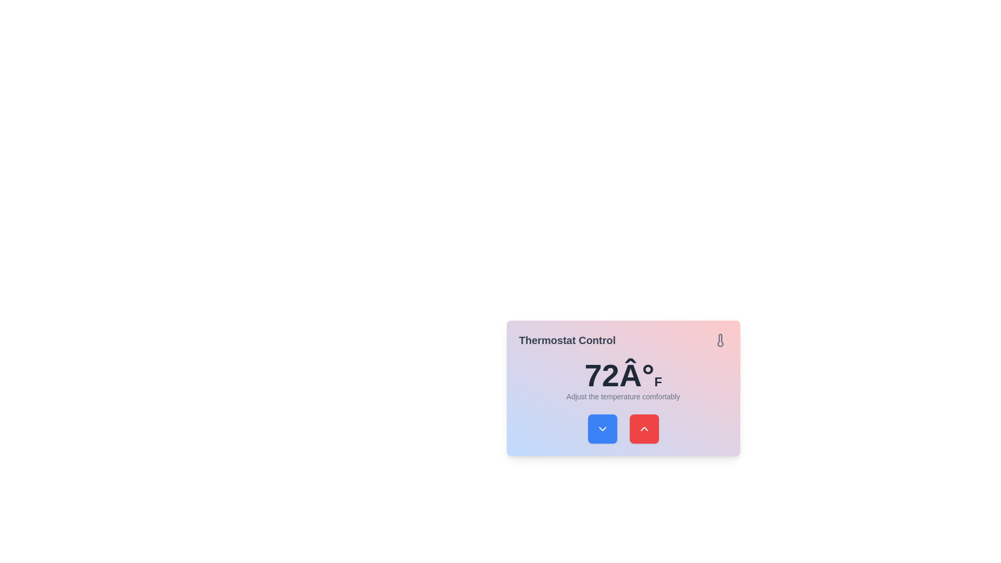  What do you see at coordinates (602, 429) in the screenshot?
I see `the leftmost button on the thermostat interface` at bounding box center [602, 429].